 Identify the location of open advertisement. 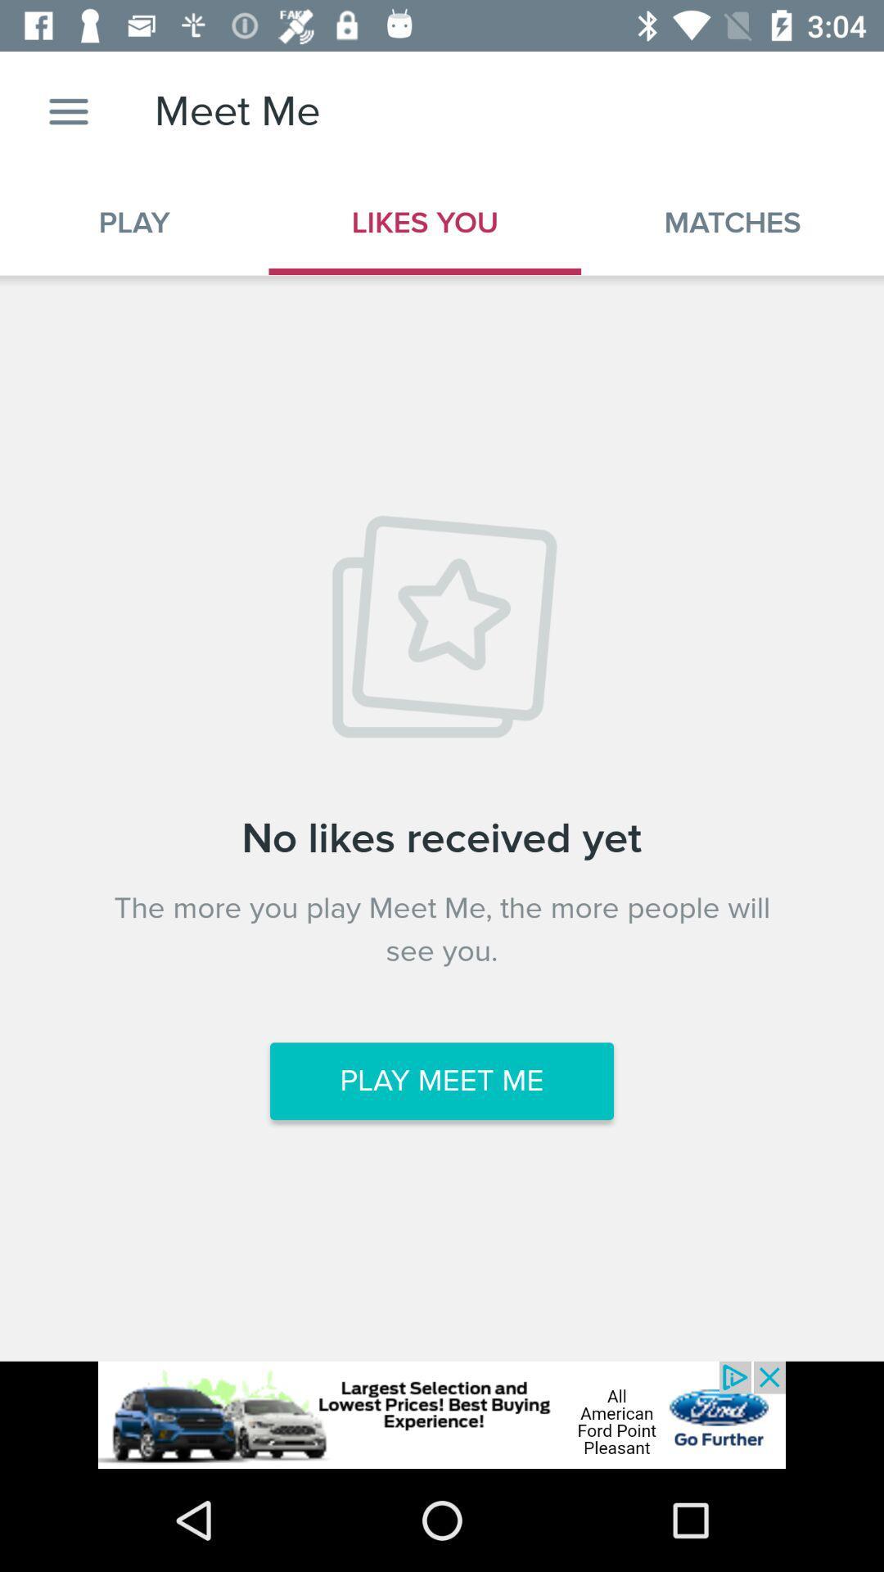
(442, 1414).